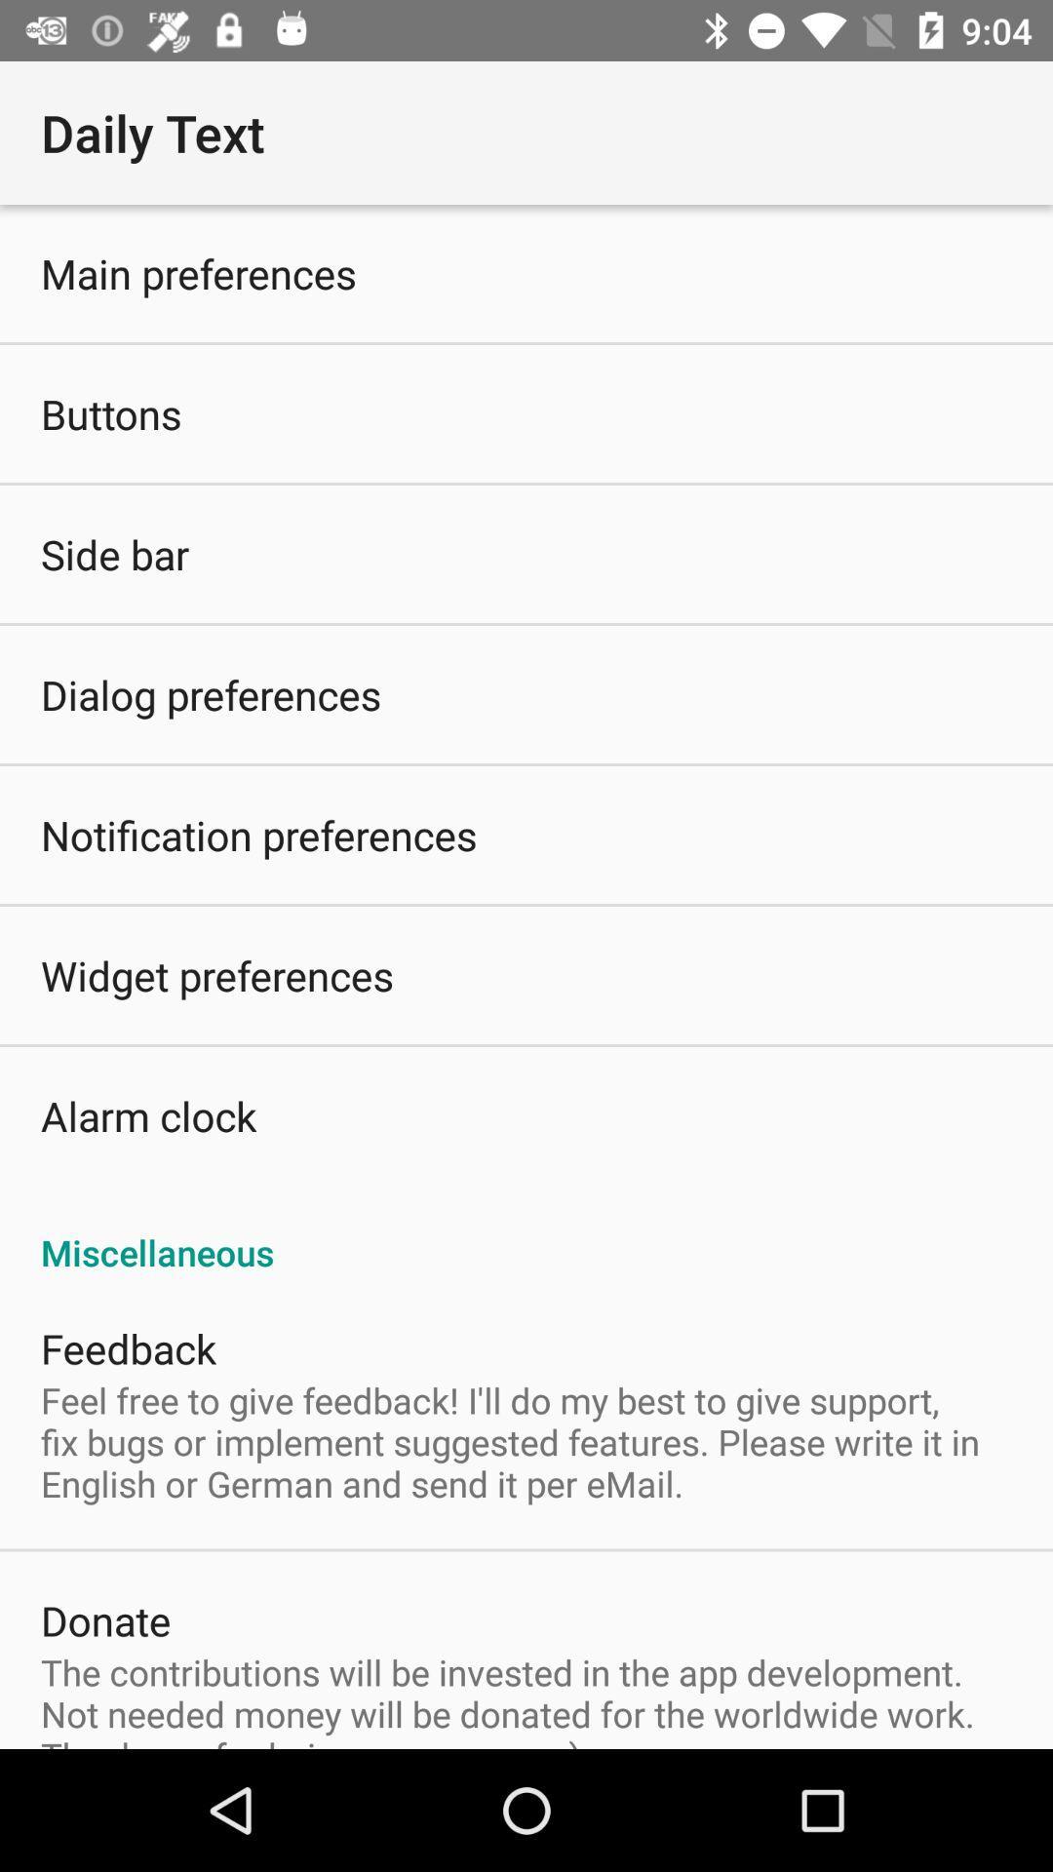 This screenshot has width=1053, height=1872. Describe the element at coordinates (115, 553) in the screenshot. I see `the icon below buttons item` at that location.